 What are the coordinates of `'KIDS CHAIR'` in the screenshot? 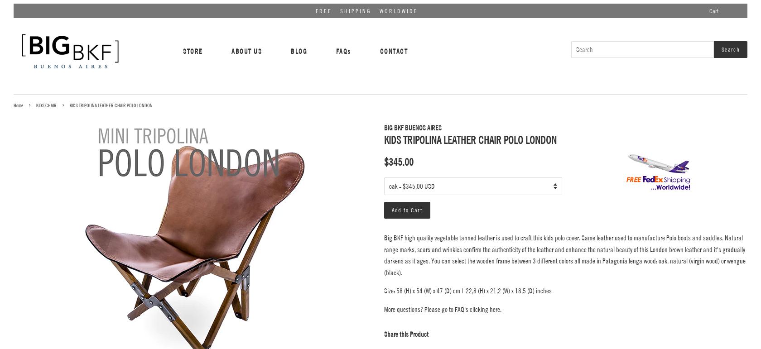 It's located at (46, 105).